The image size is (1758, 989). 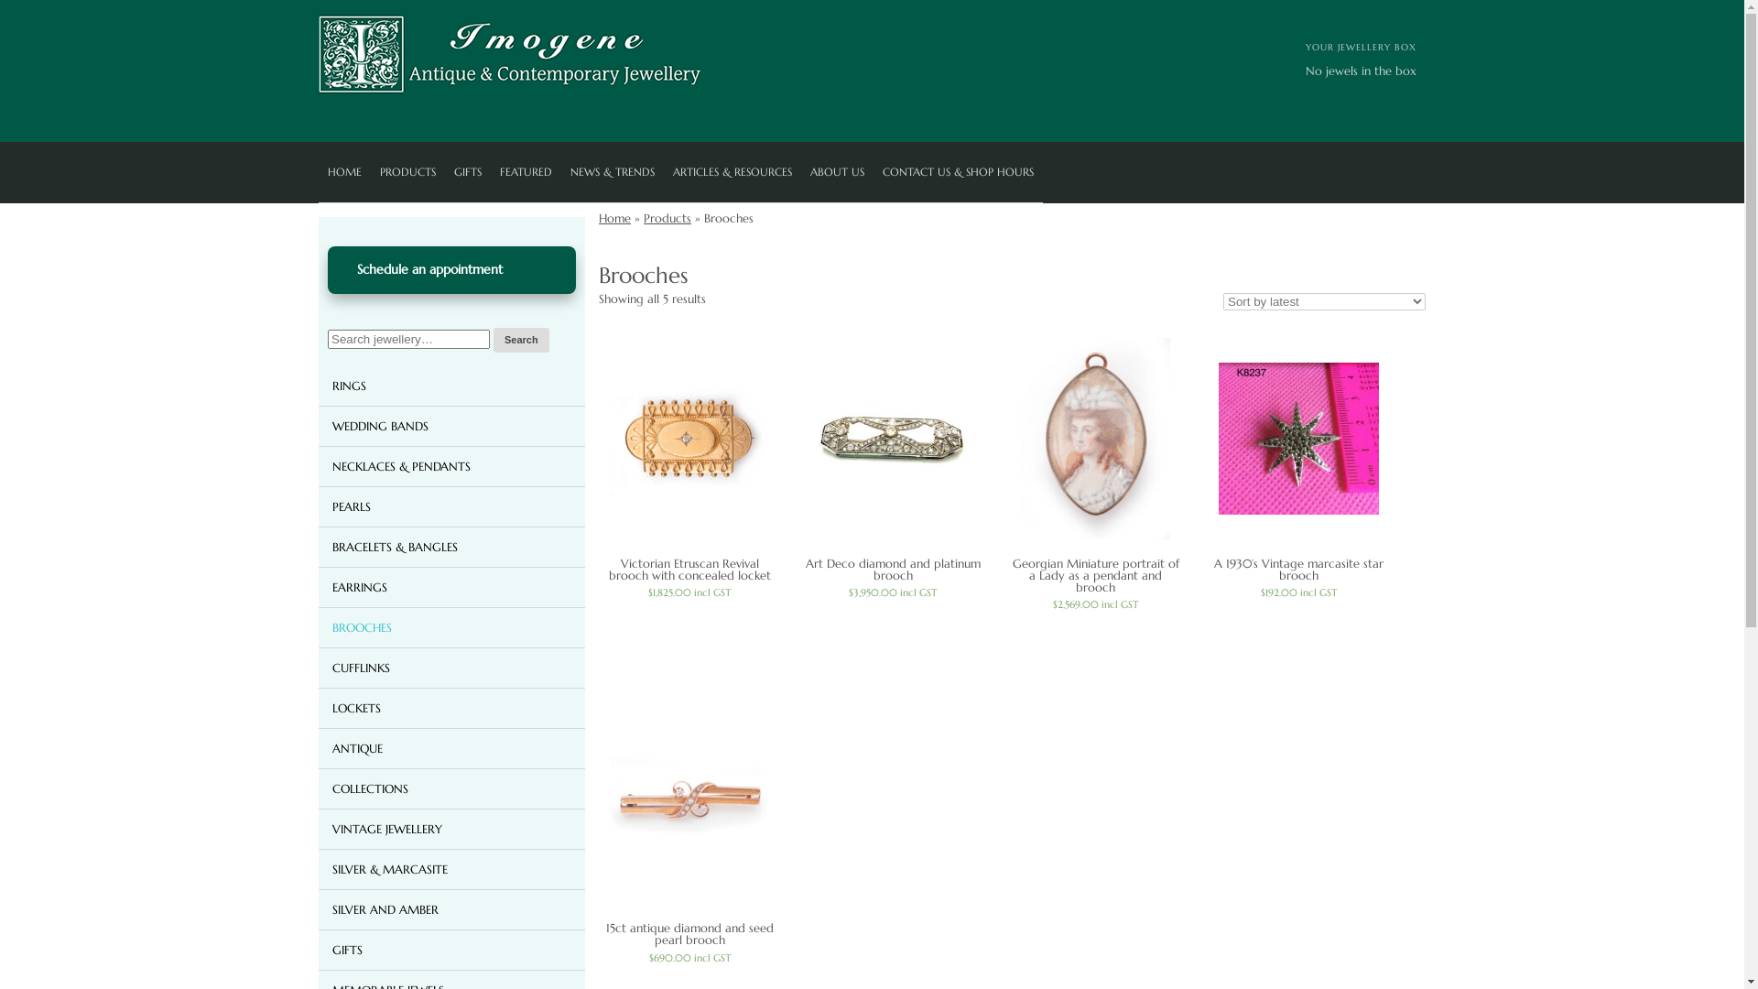 I want to click on 'Art Deco diamond and platinum brooch, so click(x=893, y=467).